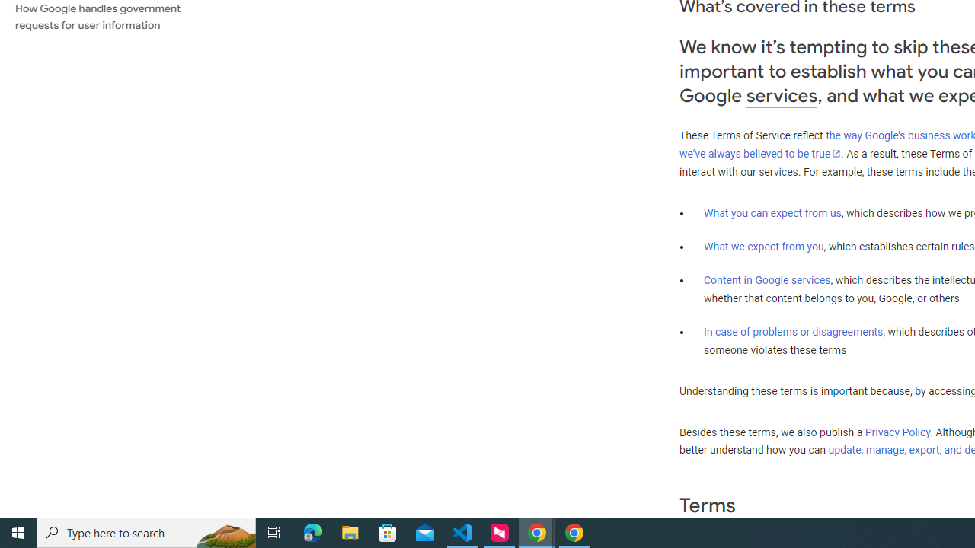  What do you see at coordinates (782, 95) in the screenshot?
I see `'services'` at bounding box center [782, 95].